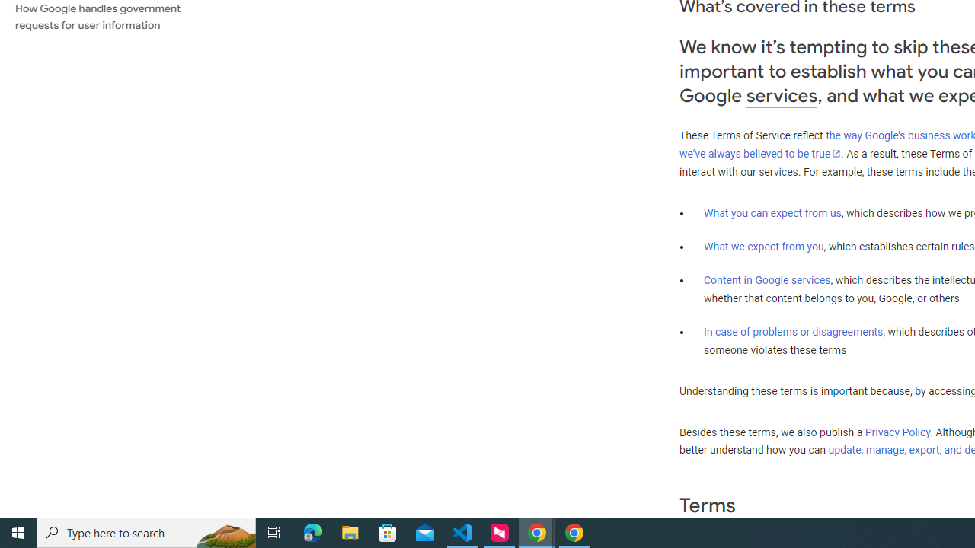  What do you see at coordinates (782, 95) in the screenshot?
I see `'services'` at bounding box center [782, 95].